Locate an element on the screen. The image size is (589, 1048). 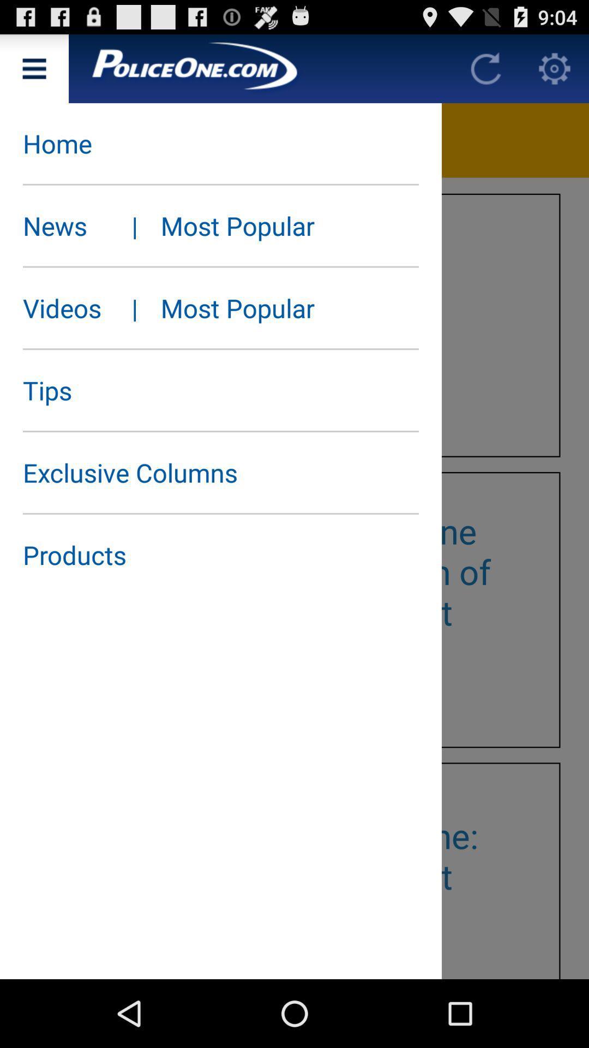
the refresh icon is located at coordinates (485, 73).